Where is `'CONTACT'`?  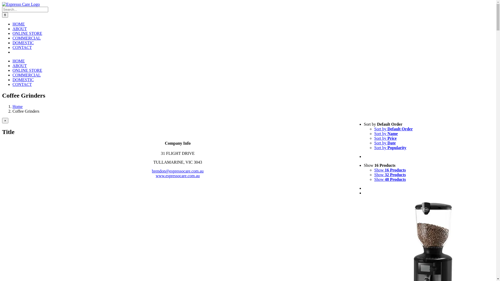 'CONTACT' is located at coordinates (12, 47).